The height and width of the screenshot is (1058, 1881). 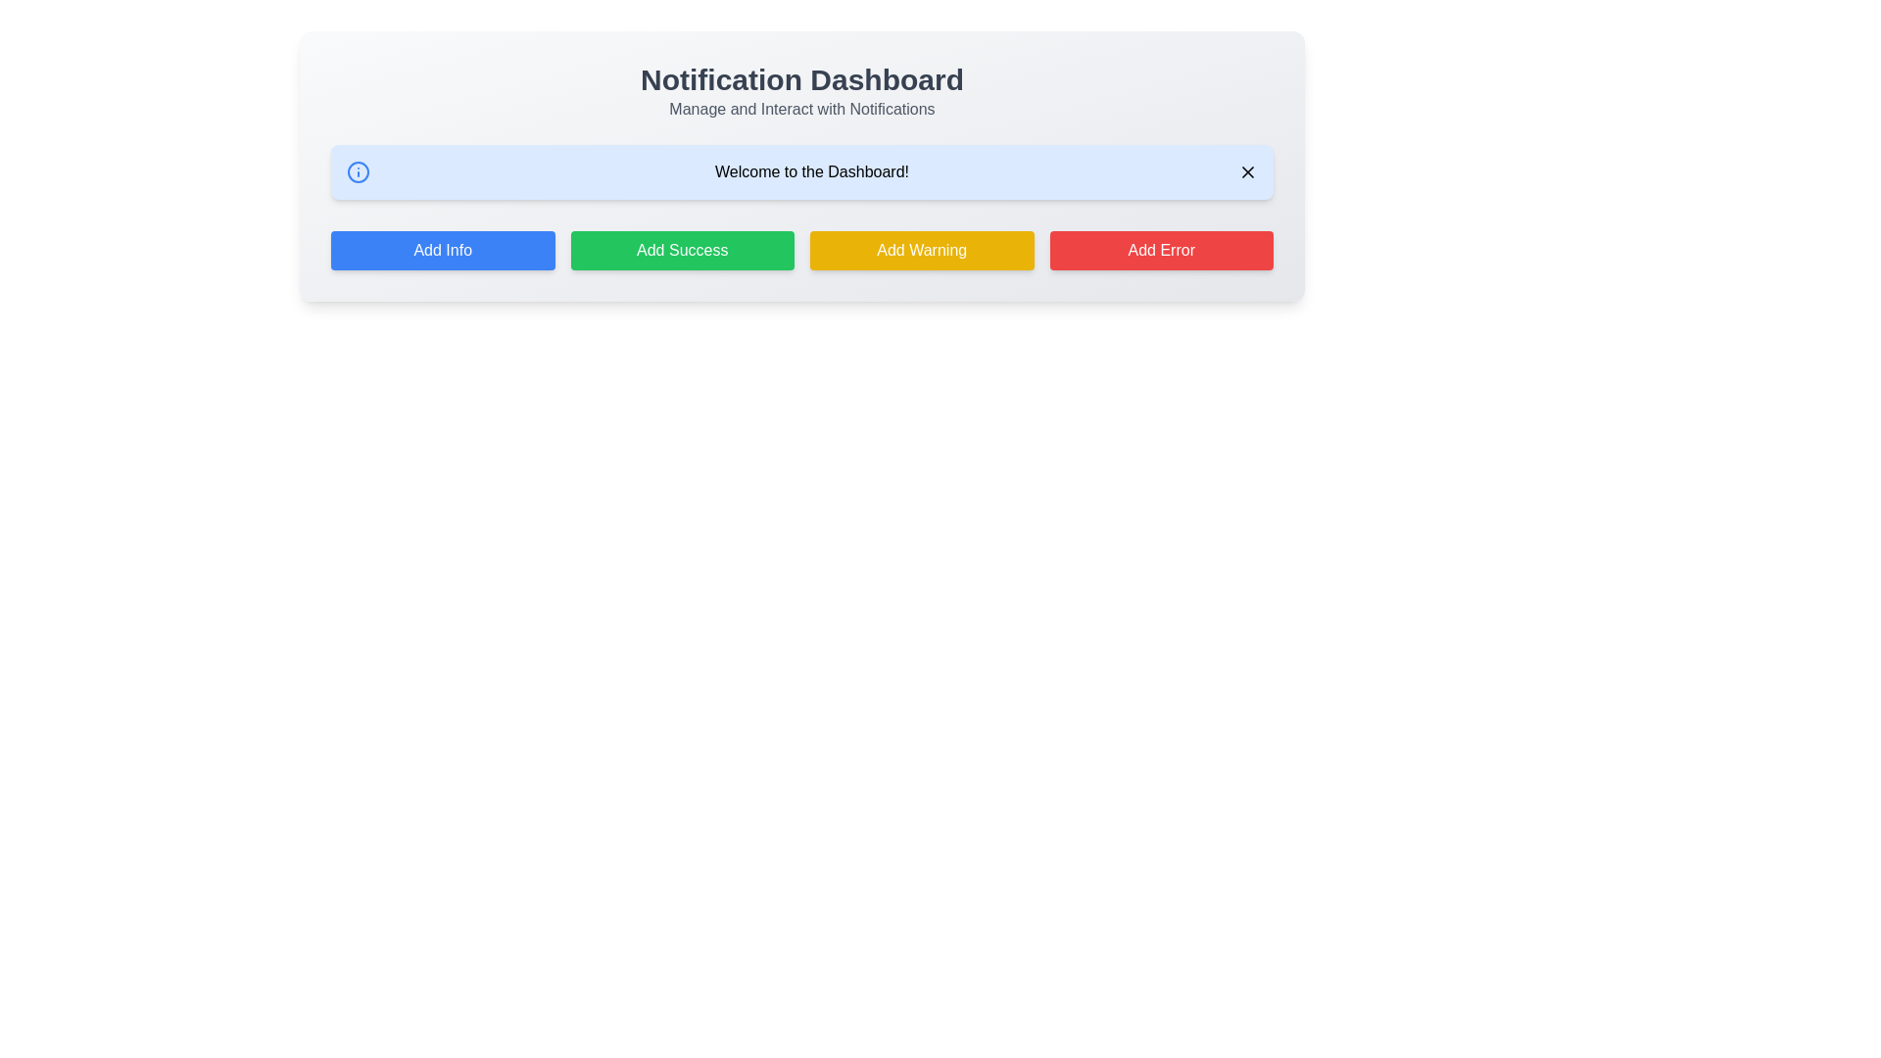 What do you see at coordinates (442, 249) in the screenshot?
I see `the 'Add Info' button, which is a rectangular button with a blue background and white text, located at the bottom section of the 'Notification Dashboard' panel` at bounding box center [442, 249].